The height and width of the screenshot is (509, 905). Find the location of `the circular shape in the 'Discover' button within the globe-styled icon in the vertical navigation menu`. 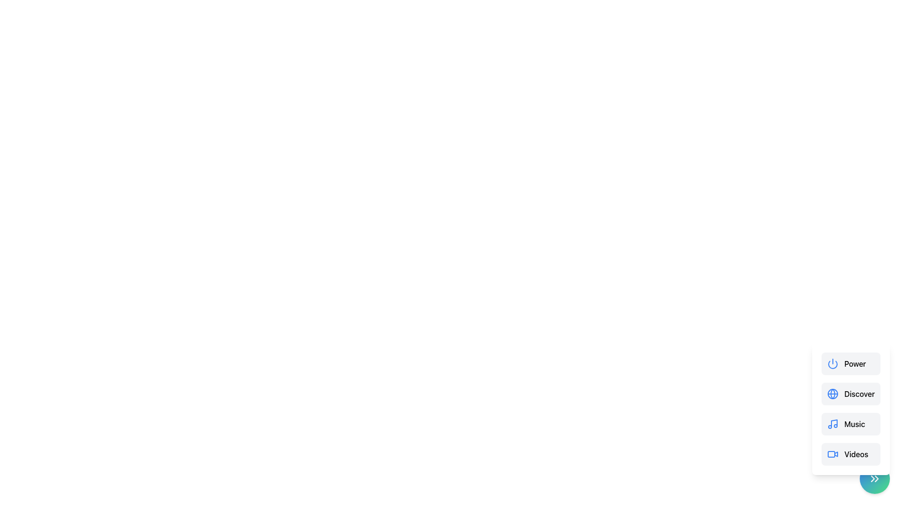

the circular shape in the 'Discover' button within the globe-styled icon in the vertical navigation menu is located at coordinates (833, 394).